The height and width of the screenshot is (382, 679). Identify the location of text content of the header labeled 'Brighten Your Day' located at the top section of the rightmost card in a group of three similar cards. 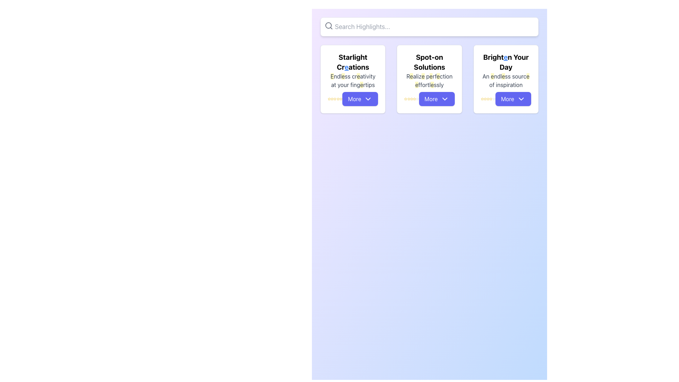
(505, 71).